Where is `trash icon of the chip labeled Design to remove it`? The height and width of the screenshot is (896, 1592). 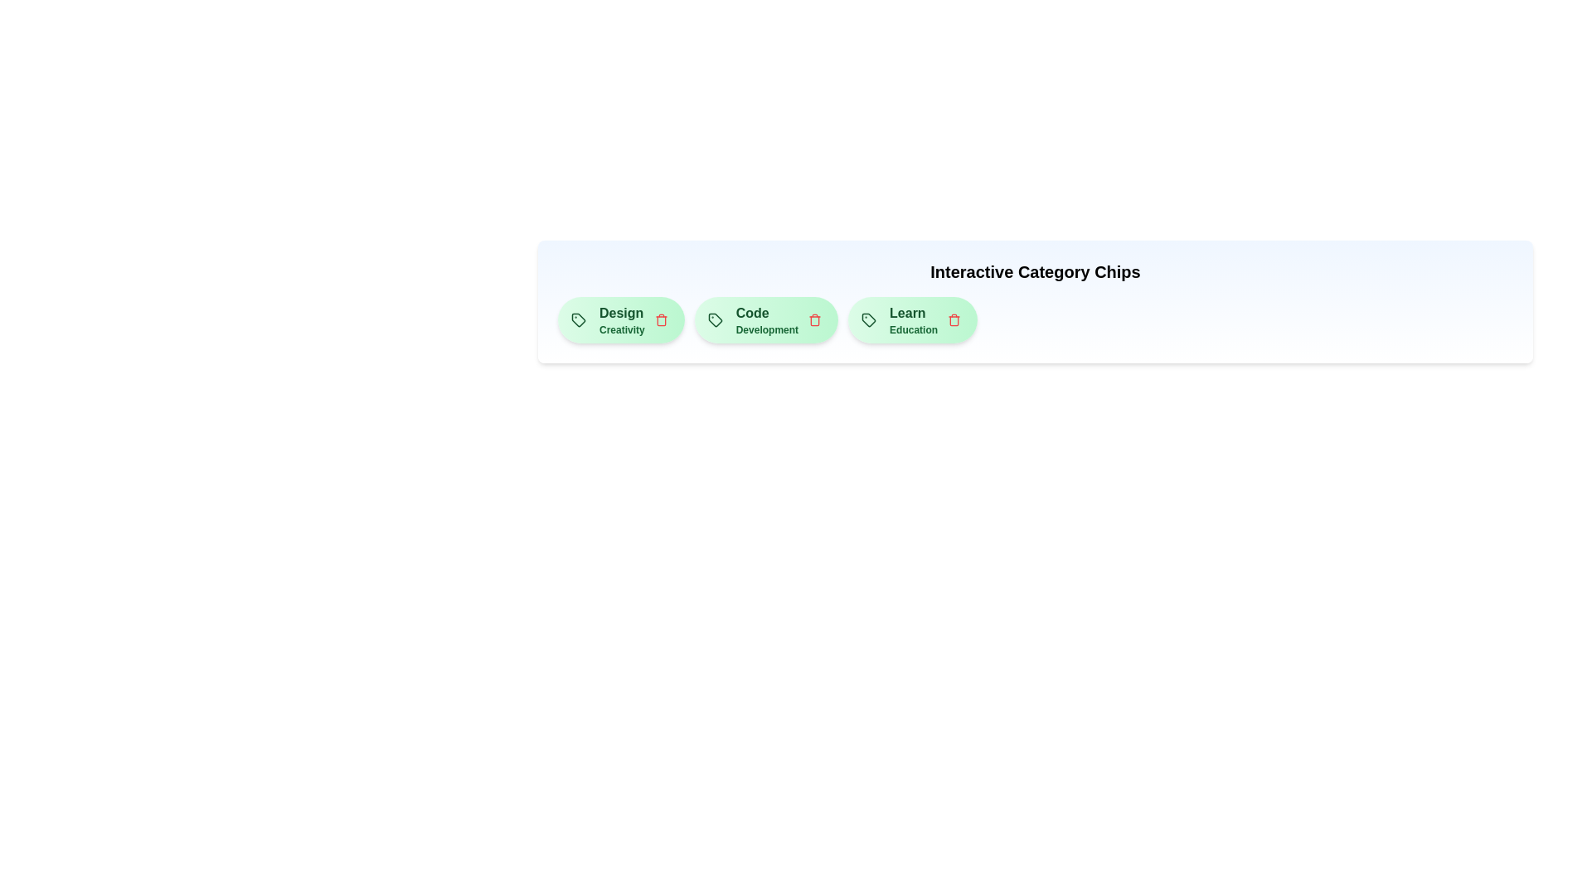
trash icon of the chip labeled Design to remove it is located at coordinates (660, 319).